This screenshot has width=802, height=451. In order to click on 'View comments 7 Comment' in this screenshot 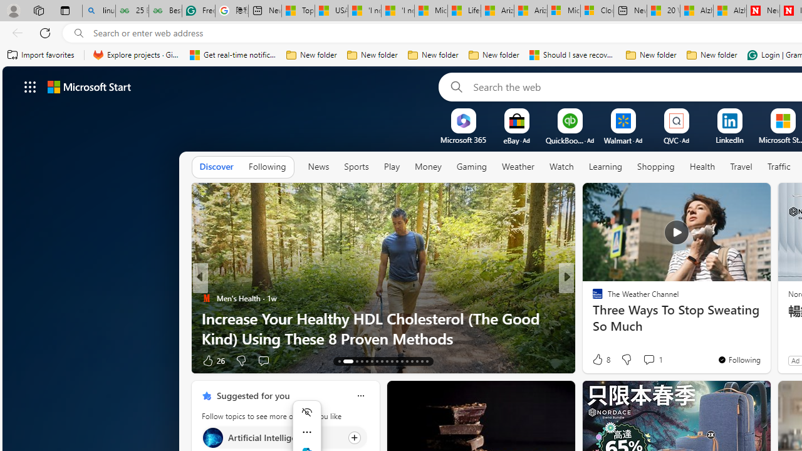, I will do `click(649, 360)`.